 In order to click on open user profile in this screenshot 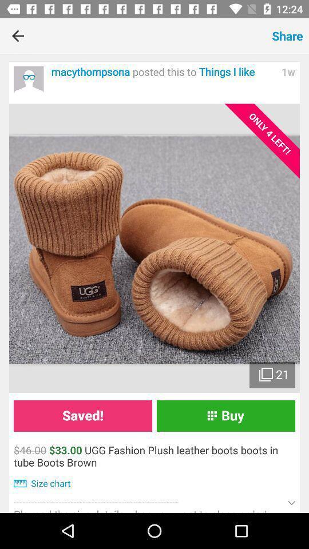, I will do `click(29, 81)`.